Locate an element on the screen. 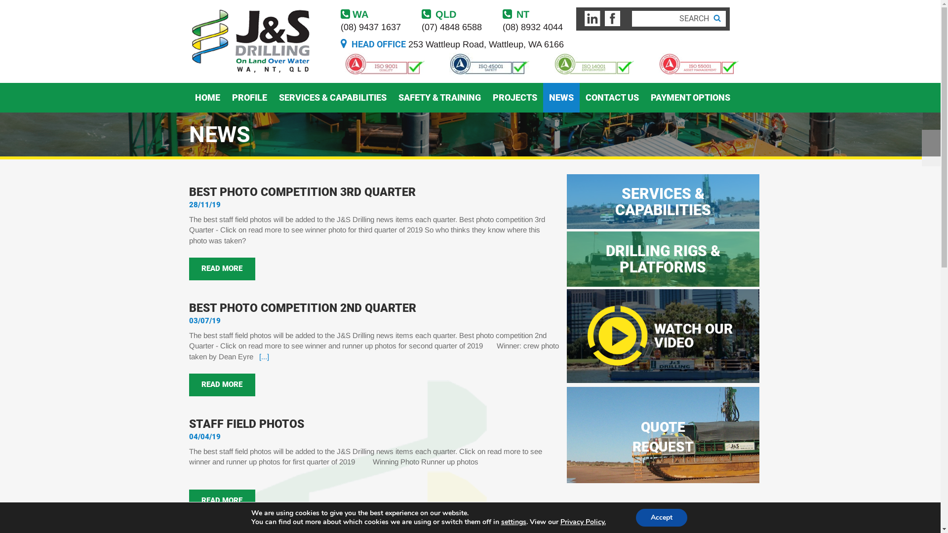 This screenshot has width=948, height=533. 'PROFILE' is located at coordinates (249, 97).